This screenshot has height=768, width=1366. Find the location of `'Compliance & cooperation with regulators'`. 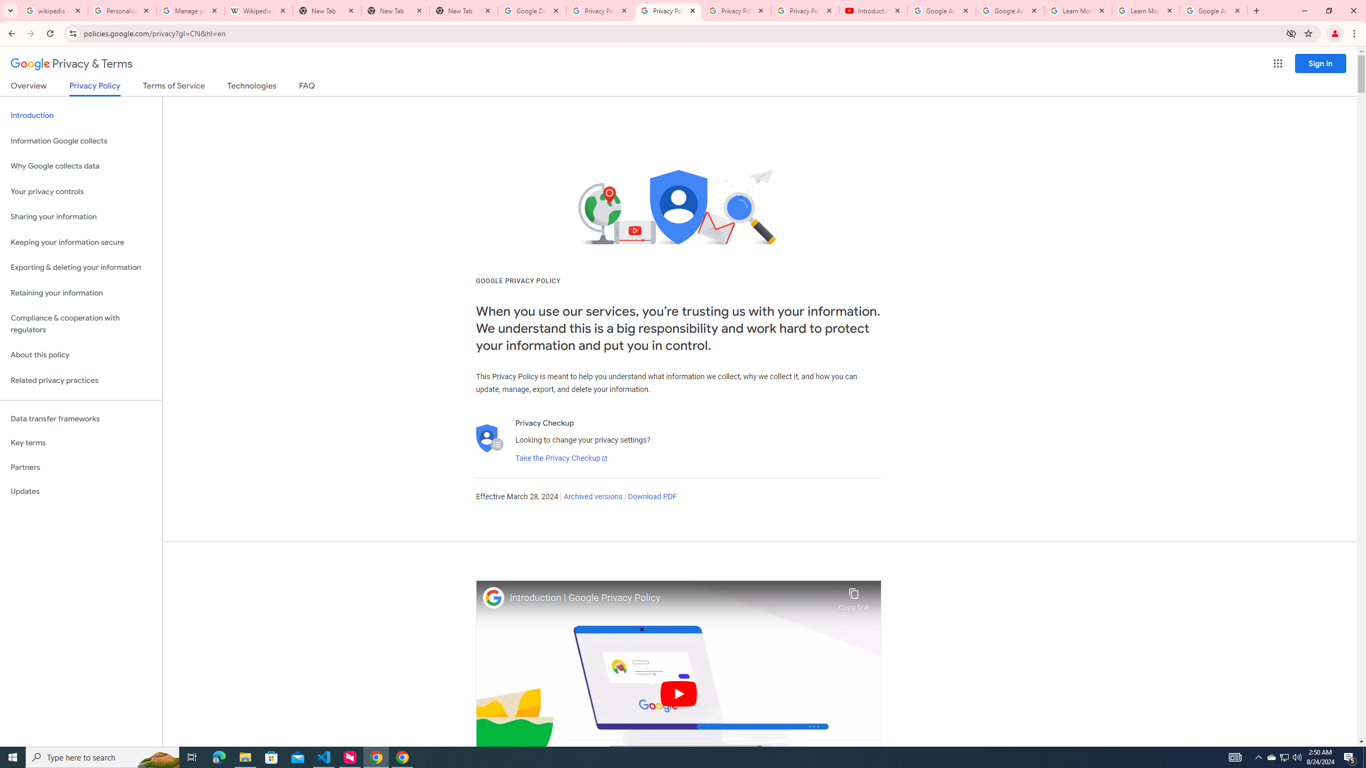

'Compliance & cooperation with regulators' is located at coordinates (81, 324).